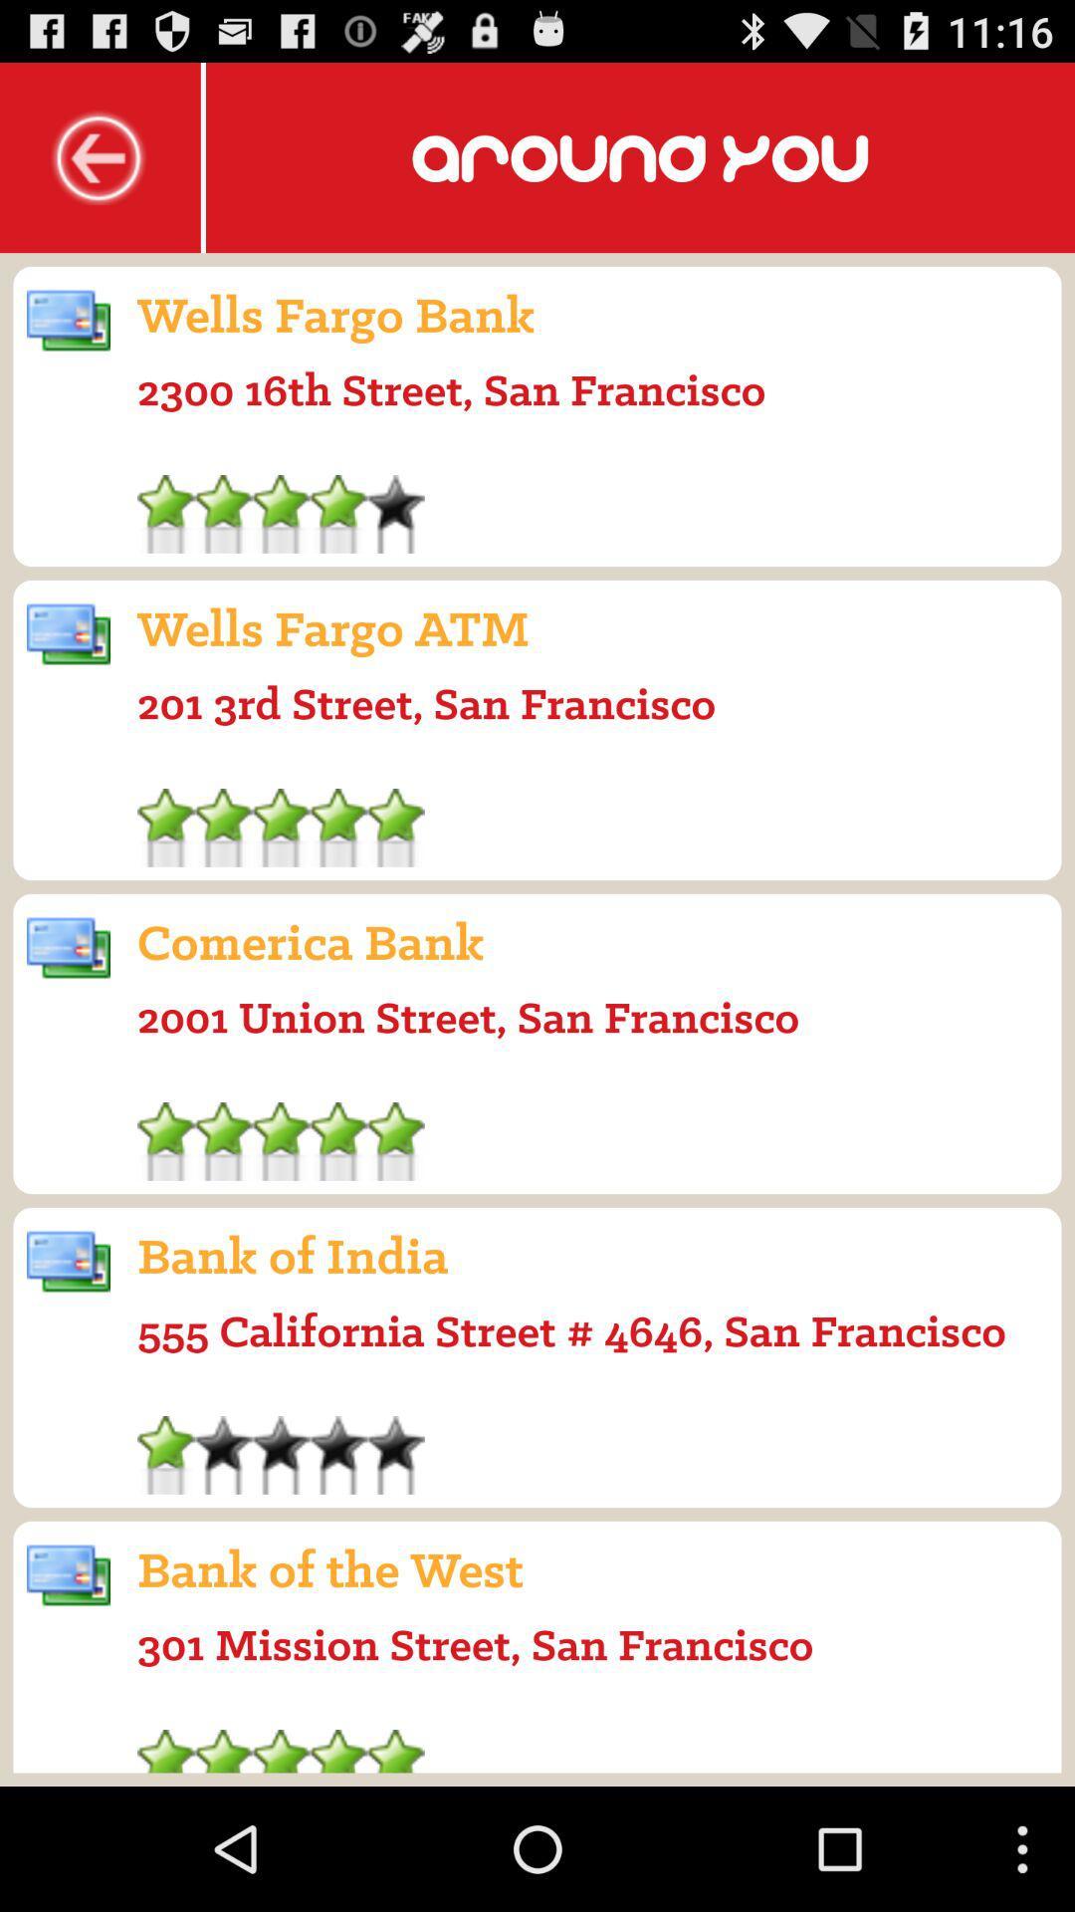  Describe the element at coordinates (100, 156) in the screenshot. I see `the left arrow at top left corner of the page` at that location.